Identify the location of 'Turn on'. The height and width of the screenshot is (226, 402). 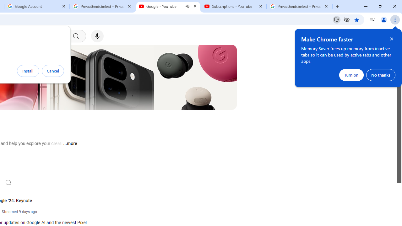
(351, 75).